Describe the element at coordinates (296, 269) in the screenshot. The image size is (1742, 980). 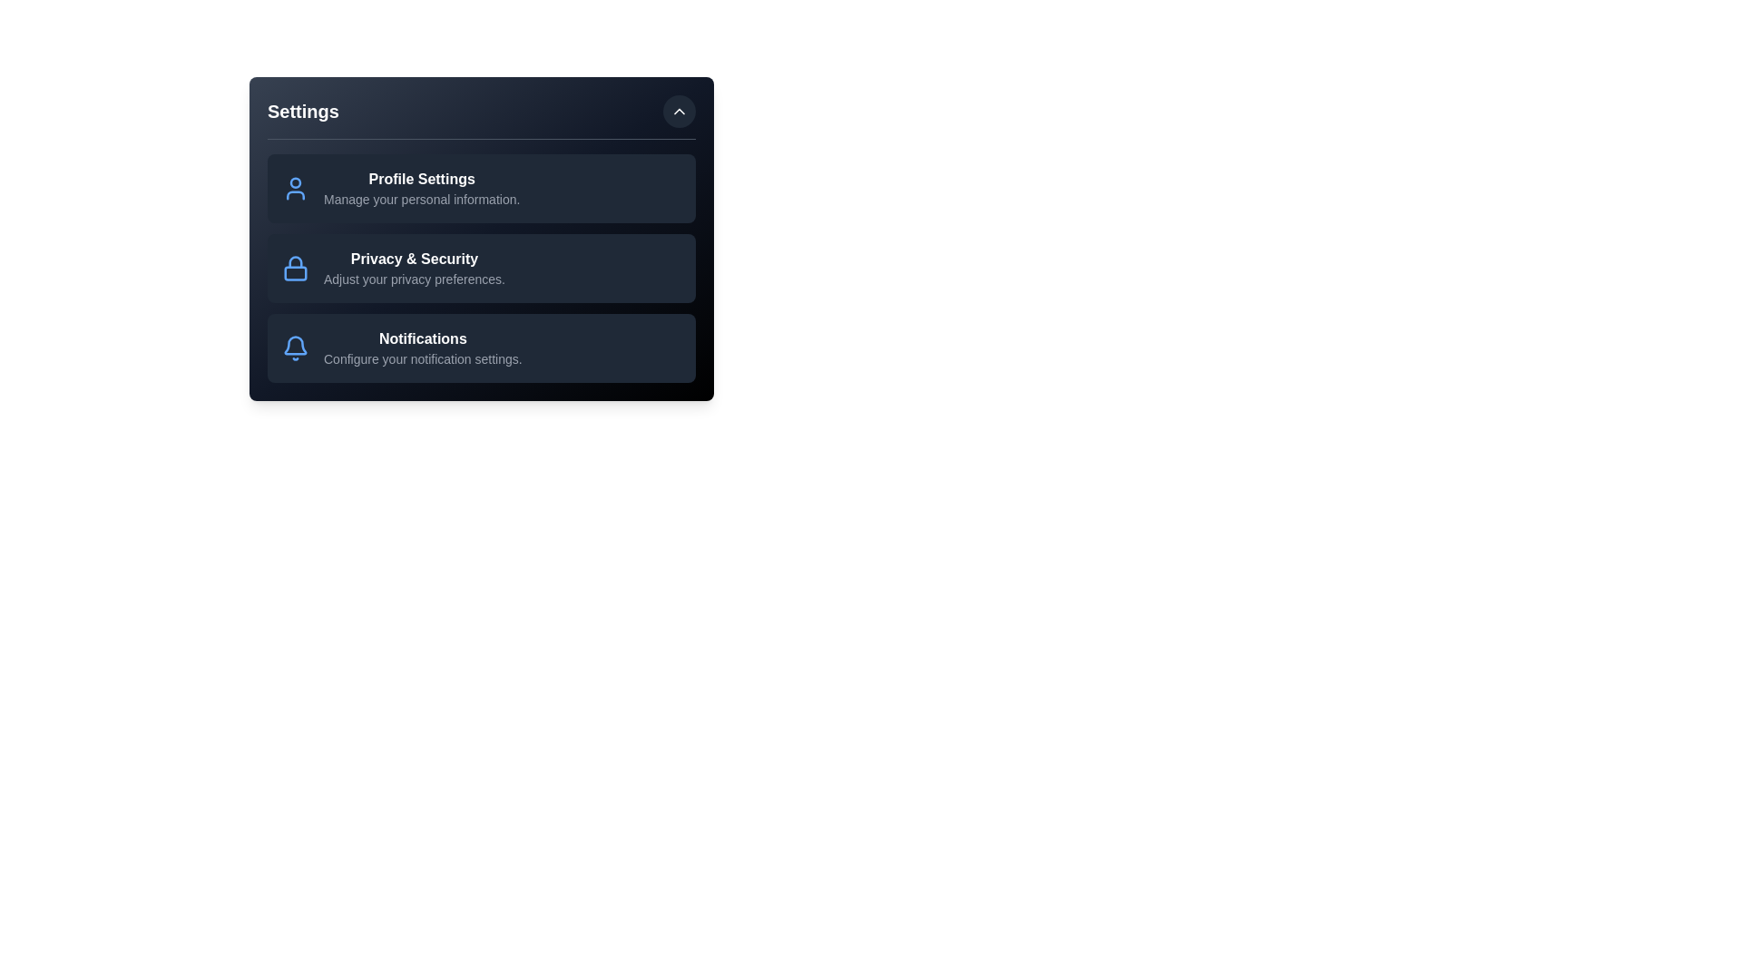
I see `the icon corresponding to Privacy & Security to interact with it` at that location.